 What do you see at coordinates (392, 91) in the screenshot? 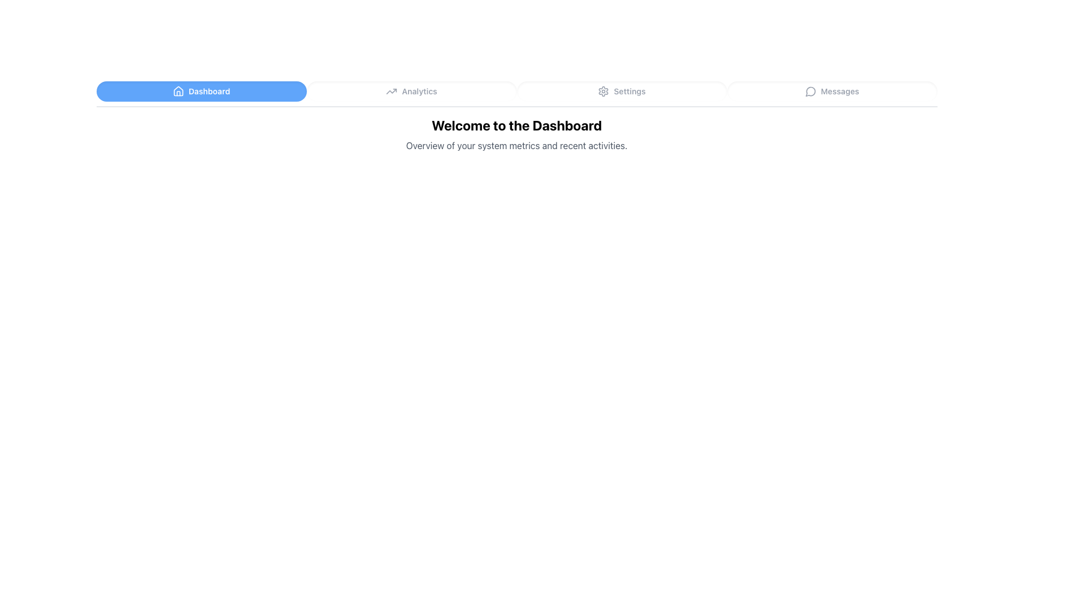
I see `the 'Analytics' icon in the top navigation bar, which is positioned to the left of the text 'Analytics'` at bounding box center [392, 91].